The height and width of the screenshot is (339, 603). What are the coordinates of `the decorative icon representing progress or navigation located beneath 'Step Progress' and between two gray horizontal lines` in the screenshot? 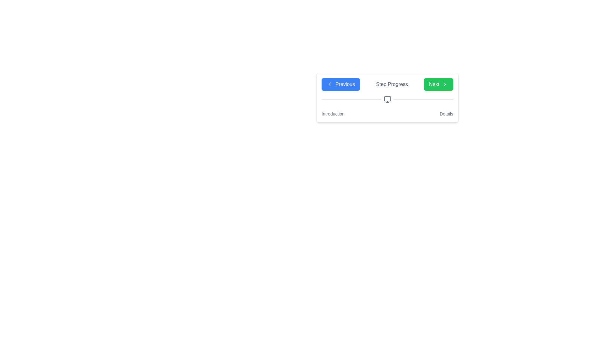 It's located at (387, 99).